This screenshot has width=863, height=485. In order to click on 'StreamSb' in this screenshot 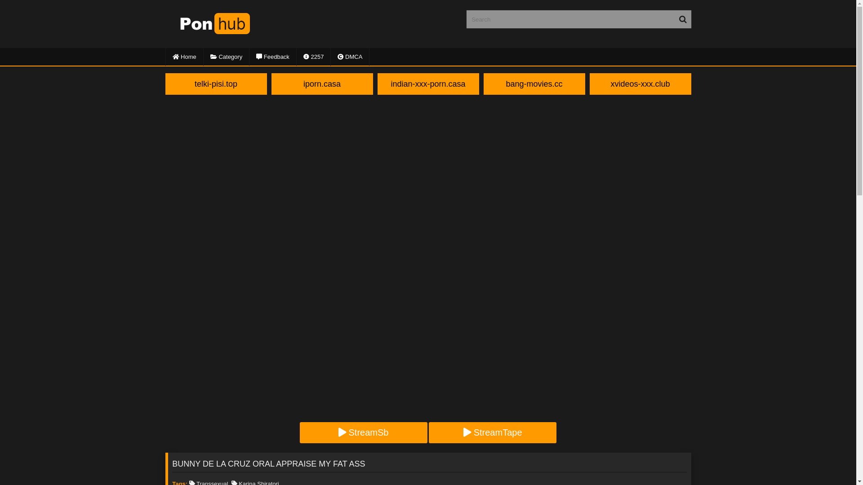, I will do `click(364, 432)`.